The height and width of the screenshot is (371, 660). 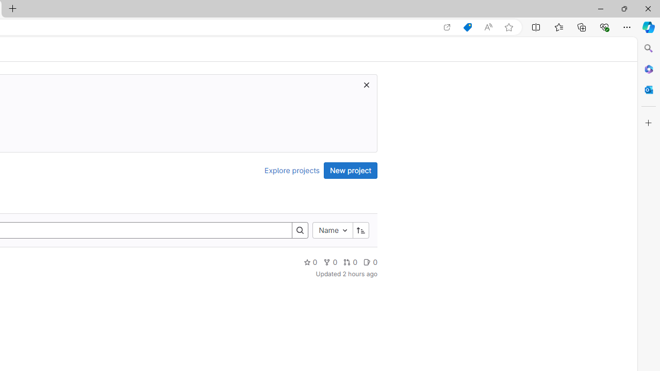 I want to click on 'Class: s14 gl-mr-2', so click(x=367, y=261).